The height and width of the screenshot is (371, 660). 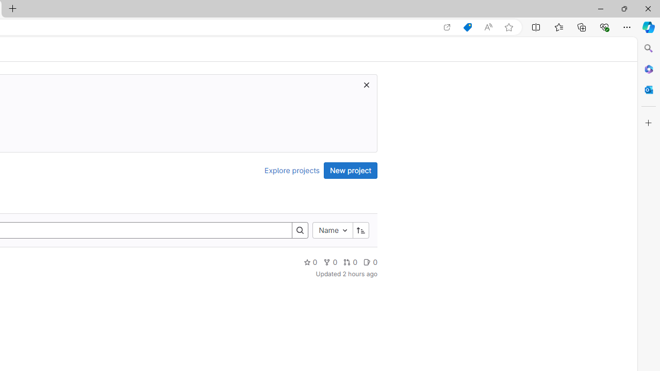 I want to click on 'Class: s14 gl-mr-2', so click(x=367, y=261).